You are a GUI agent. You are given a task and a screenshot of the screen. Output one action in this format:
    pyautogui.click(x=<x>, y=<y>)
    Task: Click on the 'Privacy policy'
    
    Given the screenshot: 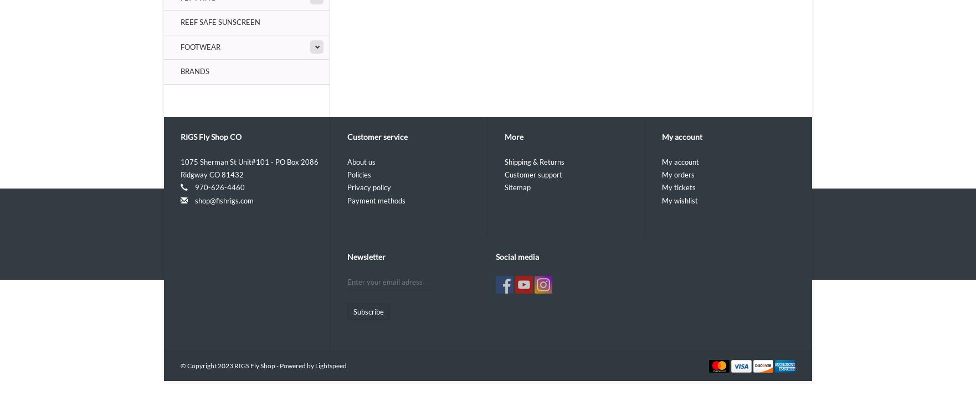 What is the action you would take?
    pyautogui.click(x=368, y=187)
    